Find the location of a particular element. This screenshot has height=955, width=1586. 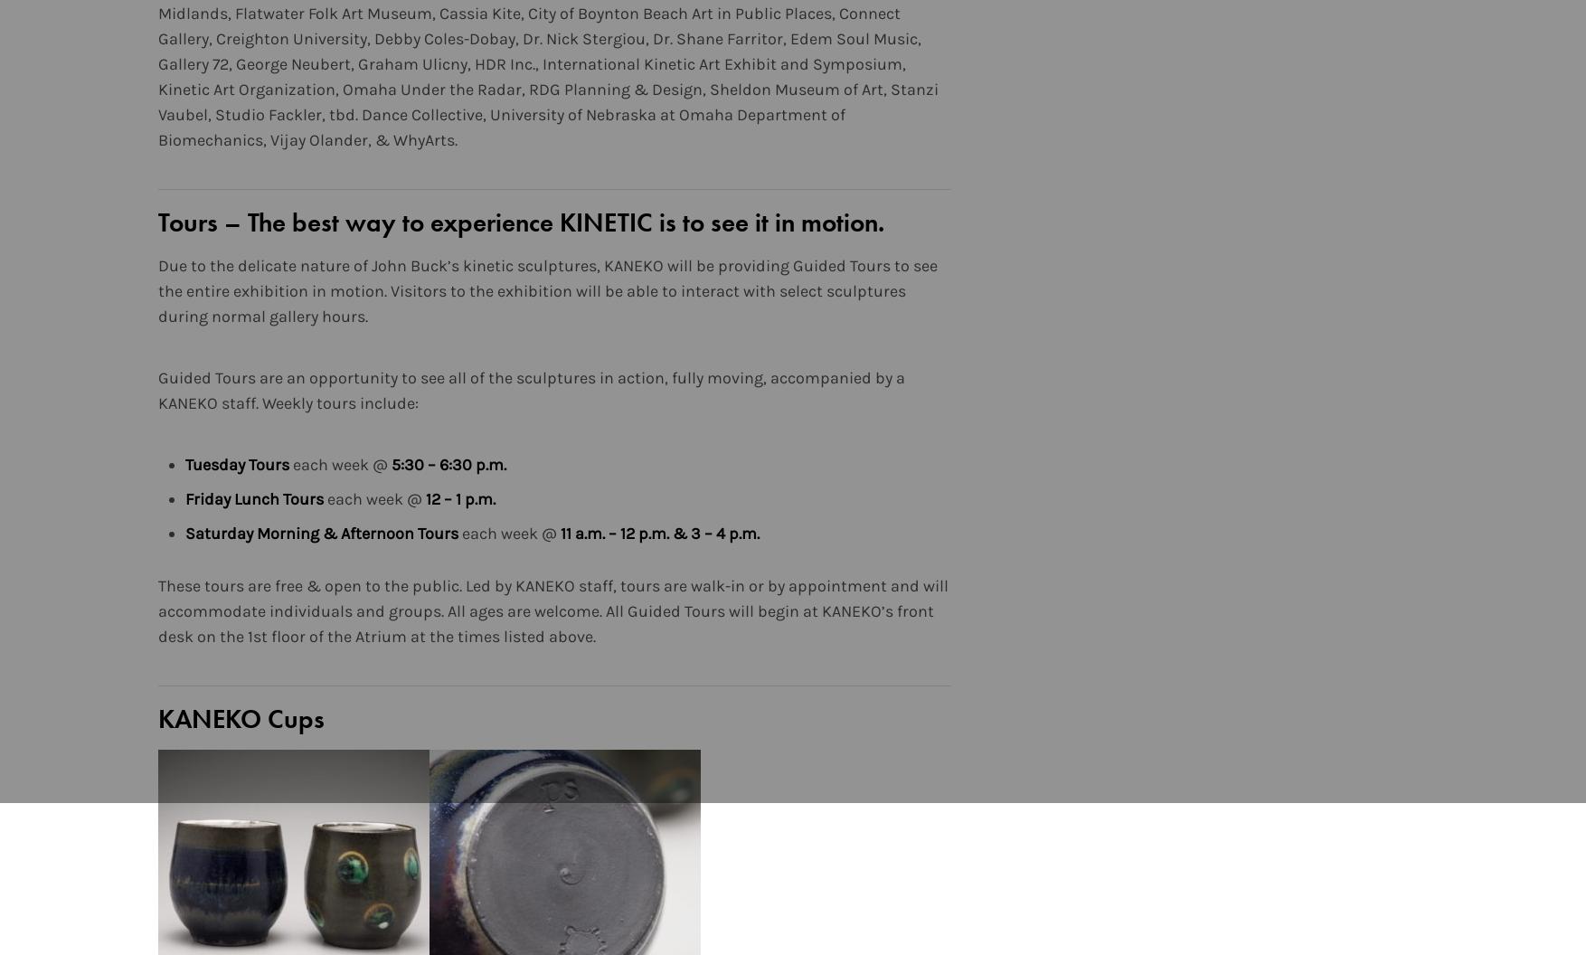

'Guided Tours are an opportunity to see all of the sculptures in action, fully moving, accompanied by a KANEKO staff. Weekly tours include:' is located at coordinates (531, 391).